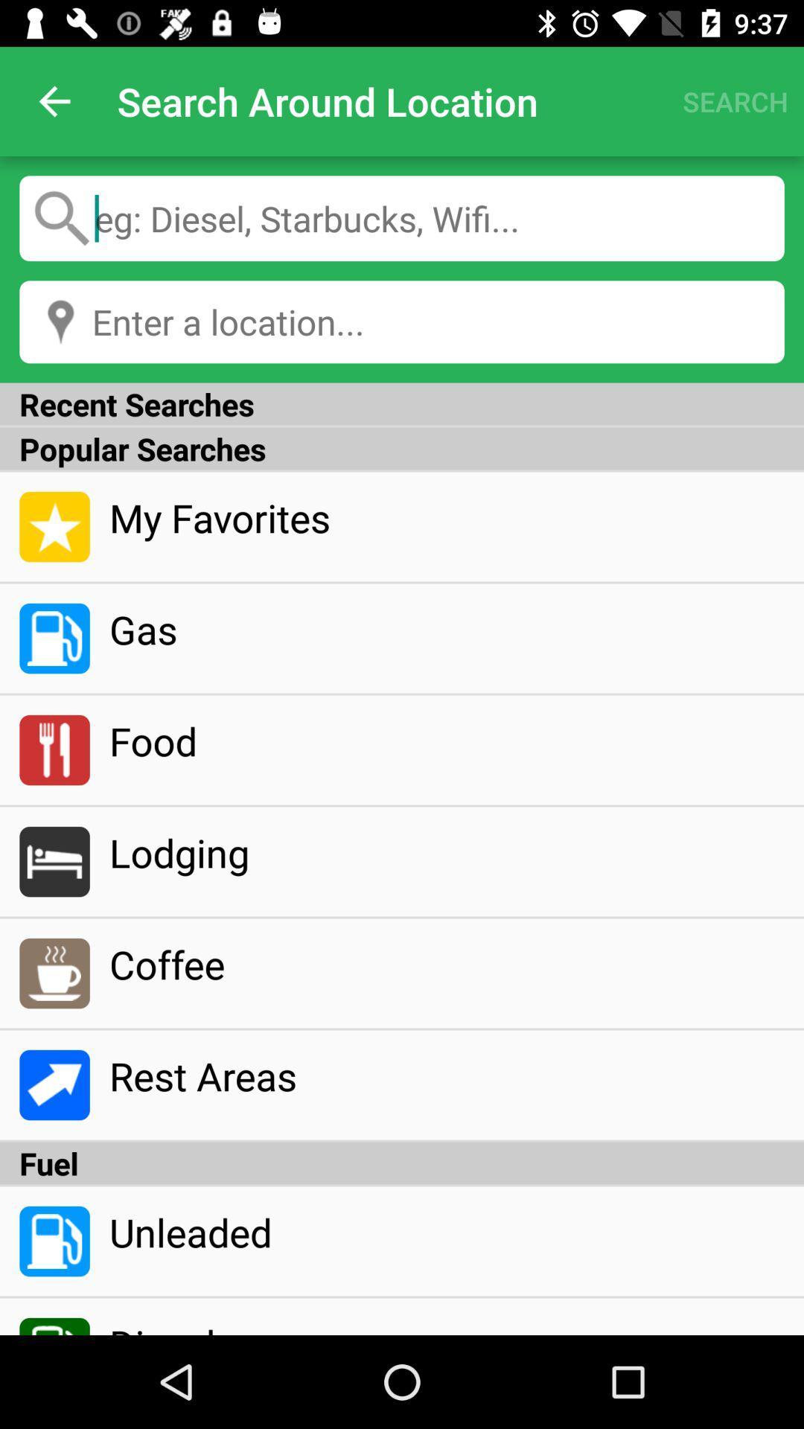  I want to click on the popular searches icon, so click(402, 448).